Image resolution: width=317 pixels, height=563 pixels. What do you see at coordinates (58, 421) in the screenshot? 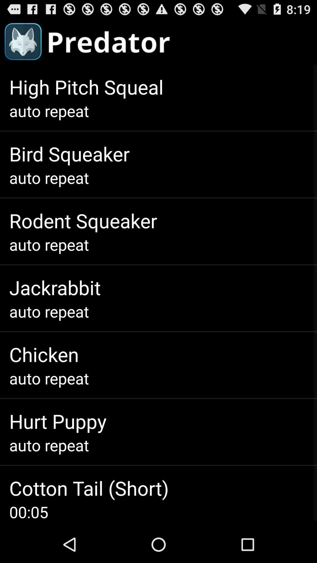
I see `item below auto repeat app` at bounding box center [58, 421].